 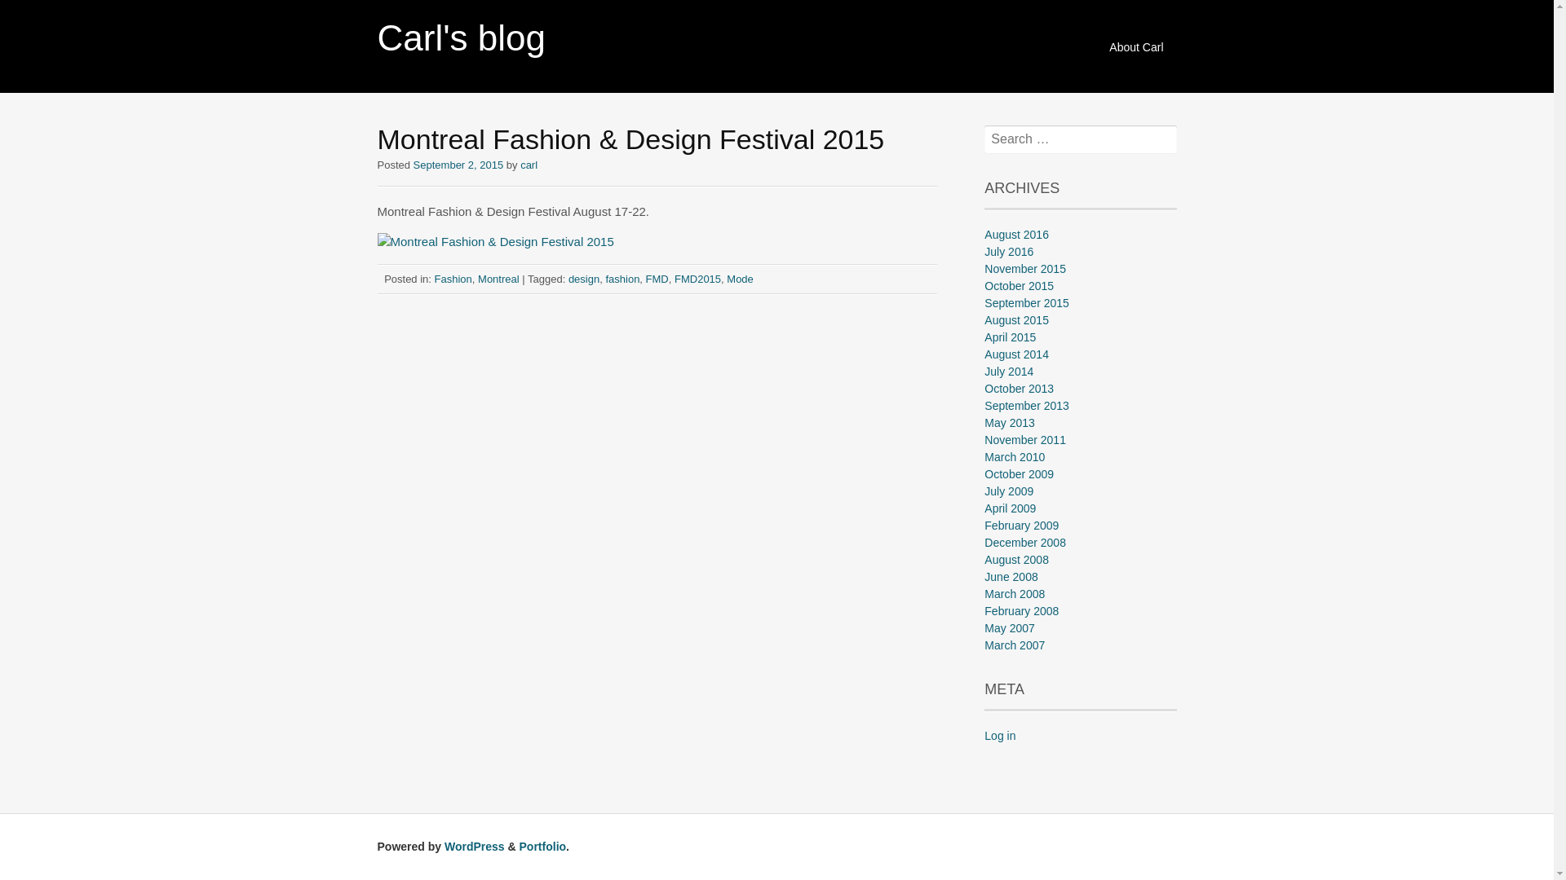 What do you see at coordinates (1099, 37) in the screenshot?
I see `'Skip to content'` at bounding box center [1099, 37].